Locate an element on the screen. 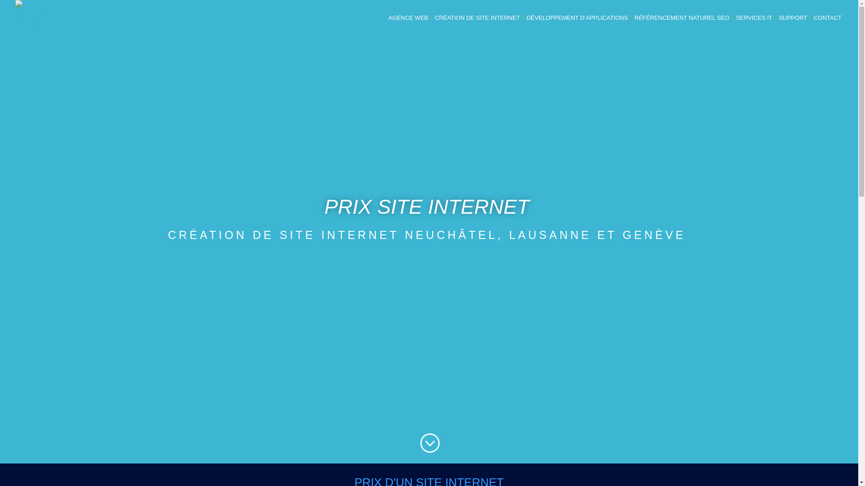 This screenshot has width=865, height=486. 'SERVICES IT' is located at coordinates (736, 25).